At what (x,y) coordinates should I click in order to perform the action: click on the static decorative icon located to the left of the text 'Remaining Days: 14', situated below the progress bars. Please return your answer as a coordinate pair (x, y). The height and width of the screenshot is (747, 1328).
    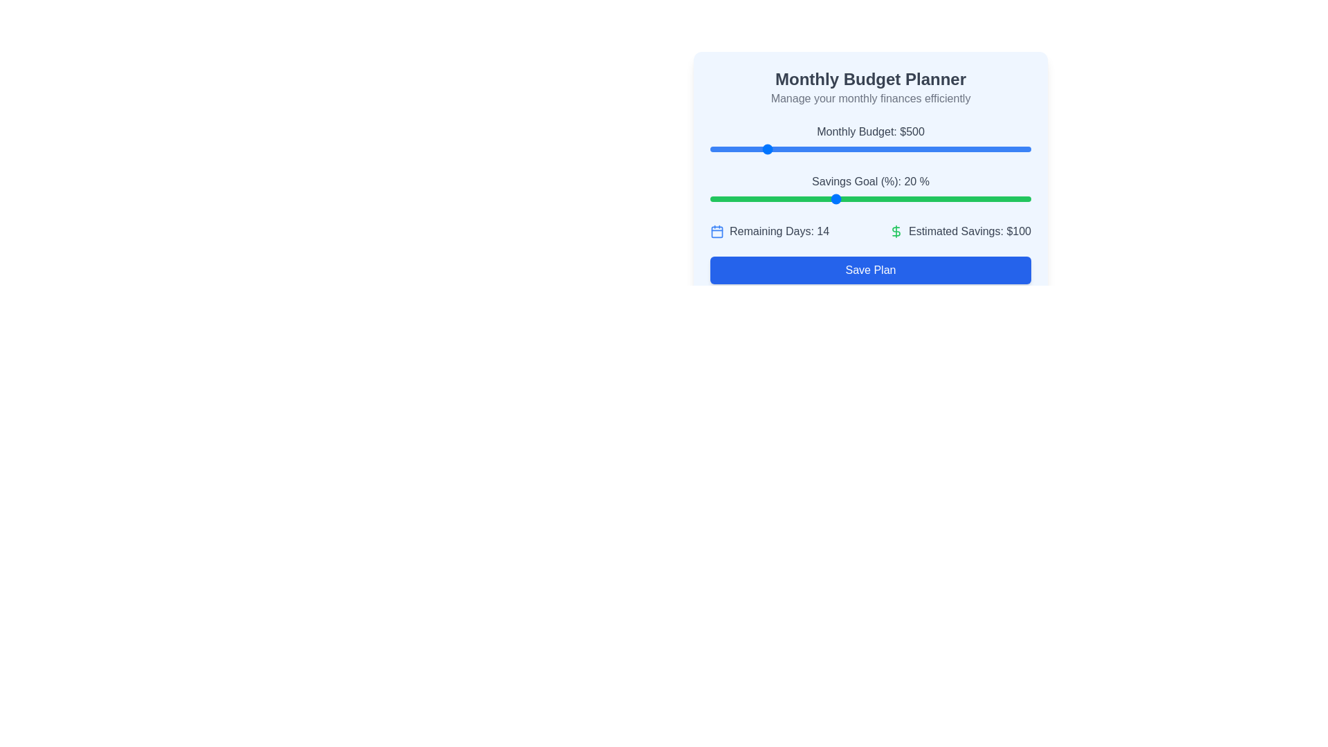
    Looking at the image, I should click on (717, 231).